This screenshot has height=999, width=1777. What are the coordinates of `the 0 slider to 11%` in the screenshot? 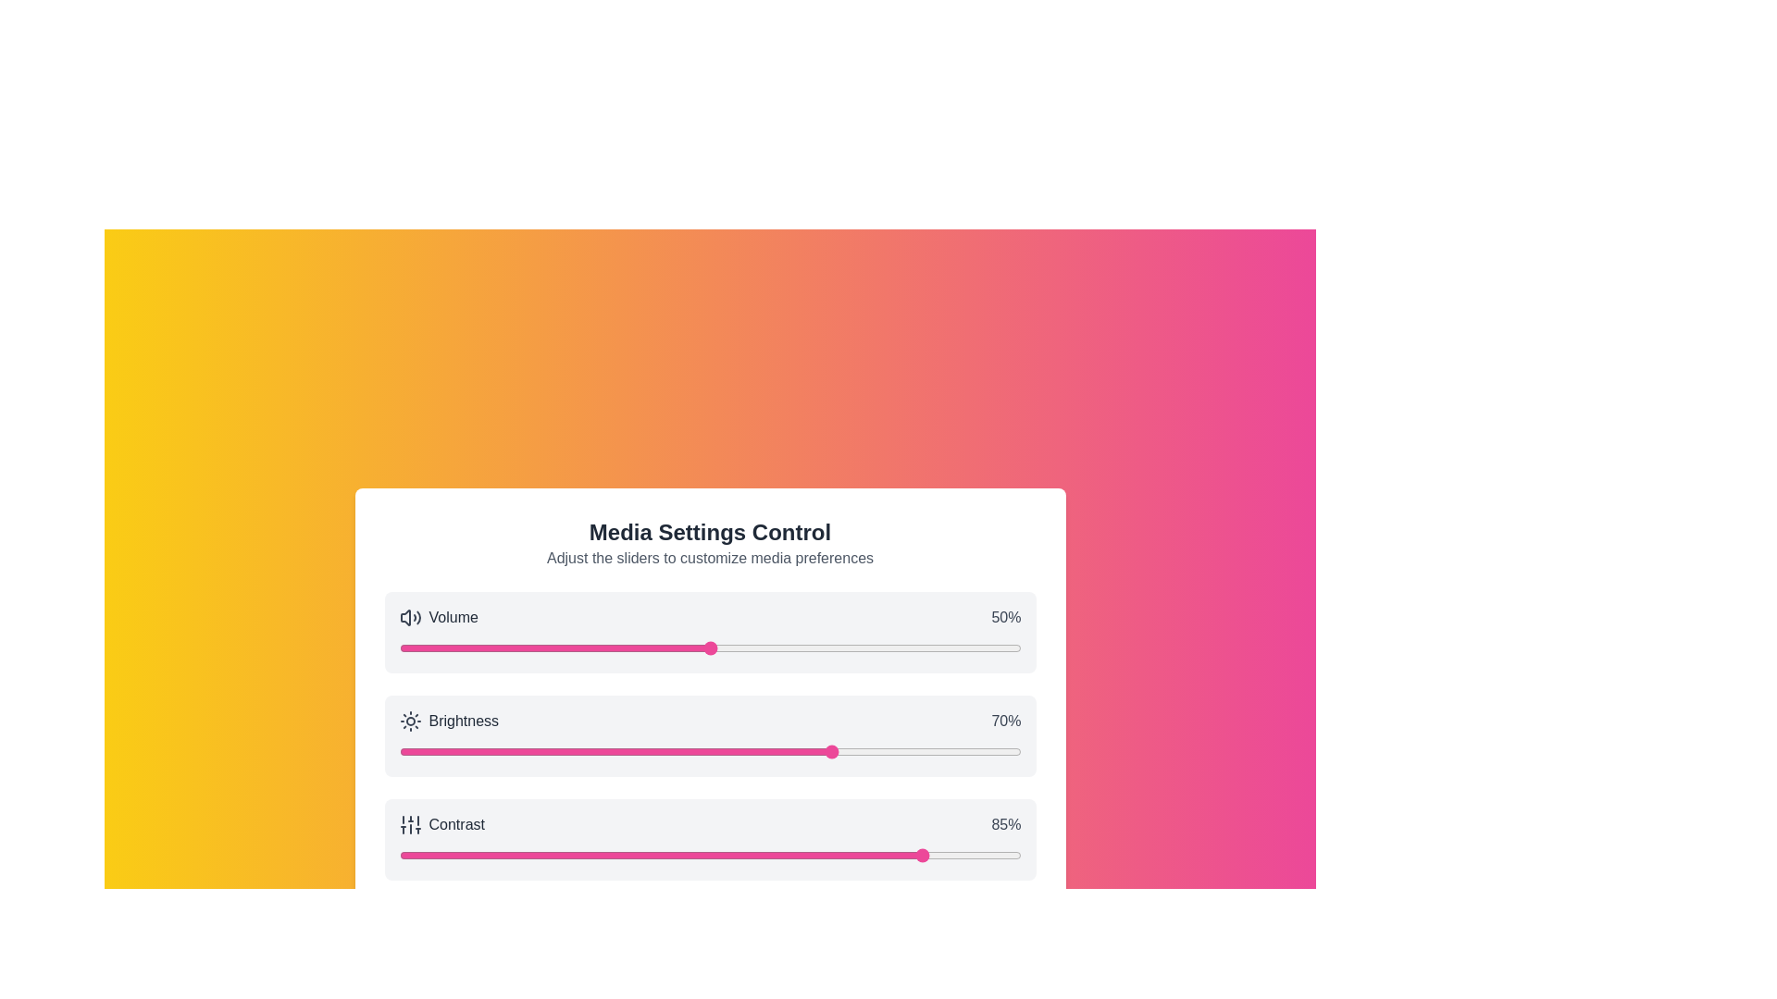 It's located at (467, 647).